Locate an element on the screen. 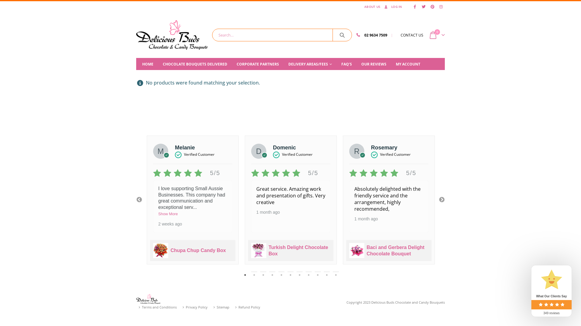 The height and width of the screenshot is (326, 581). 'CORPORATE PARTNERS' is located at coordinates (256, 64).